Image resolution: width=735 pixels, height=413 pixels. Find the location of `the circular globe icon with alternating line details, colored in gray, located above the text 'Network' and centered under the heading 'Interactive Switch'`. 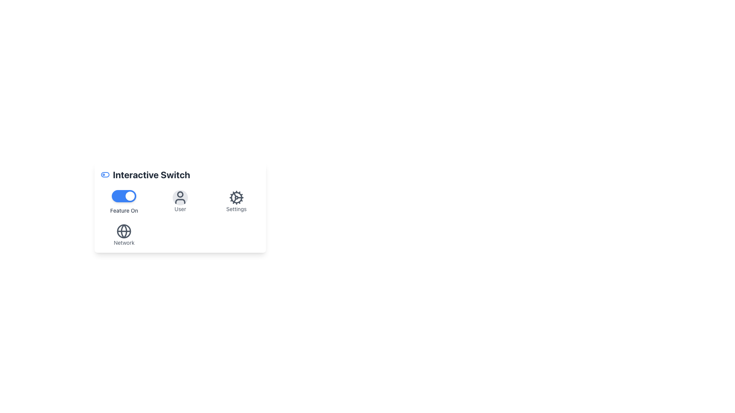

the circular globe icon with alternating line details, colored in gray, located above the text 'Network' and centered under the heading 'Interactive Switch' is located at coordinates (124, 231).